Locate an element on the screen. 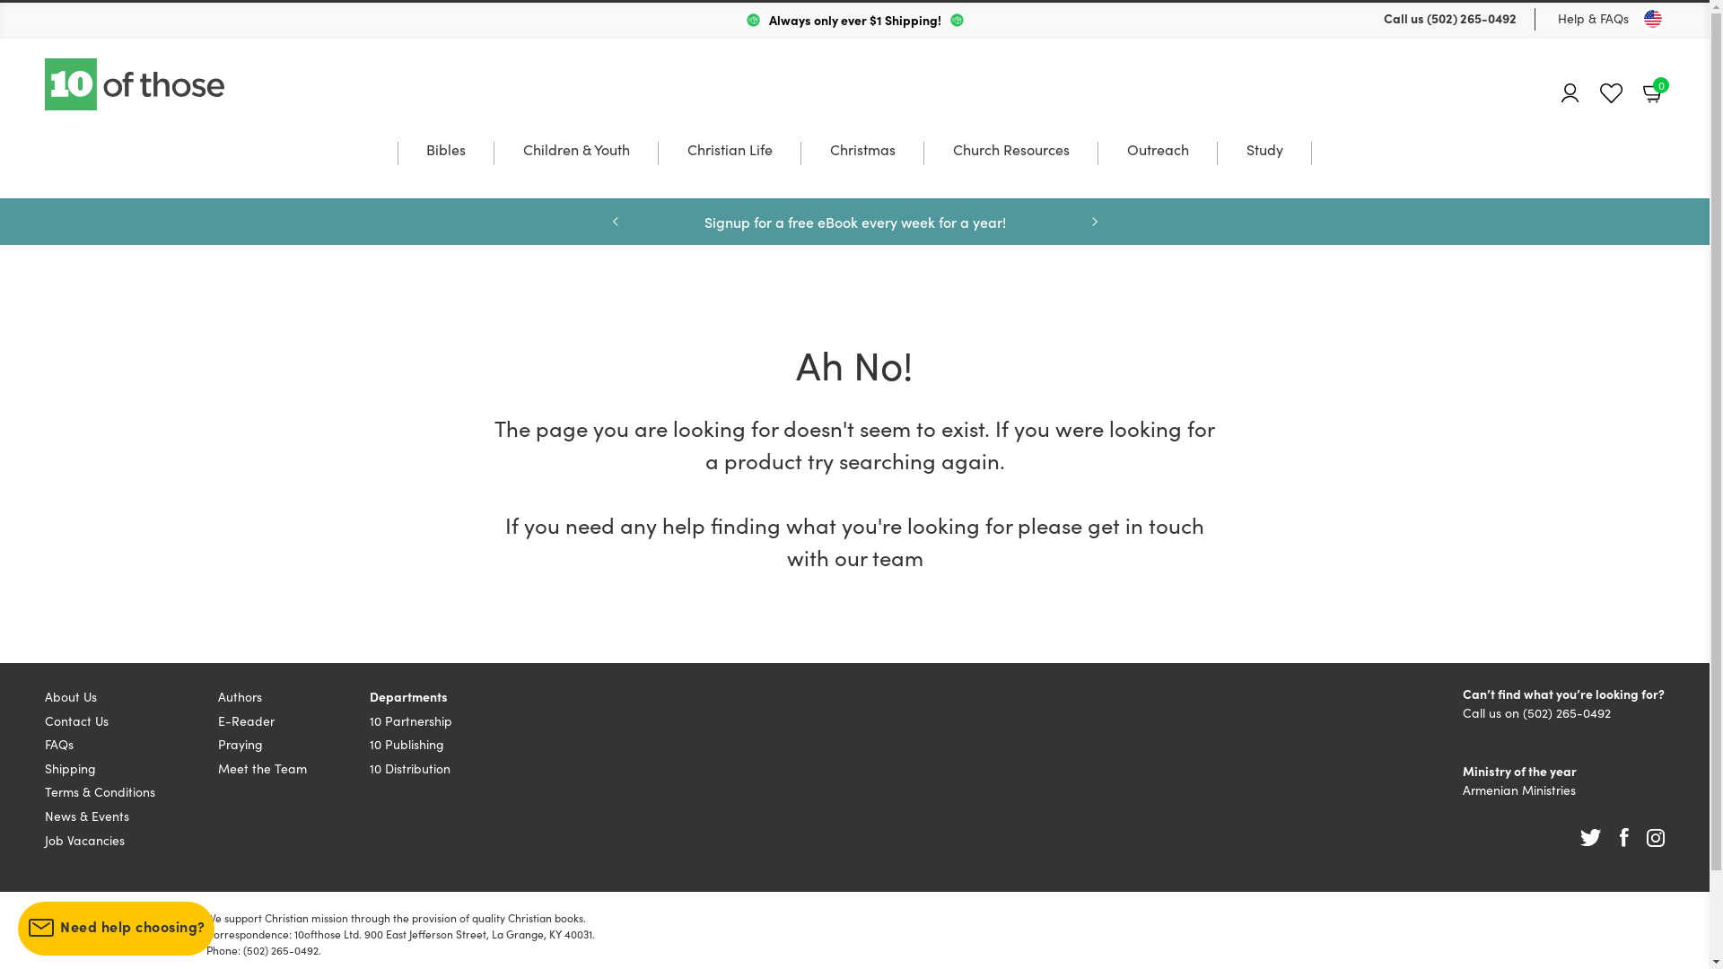  'Outreach' is located at coordinates (1158, 166).